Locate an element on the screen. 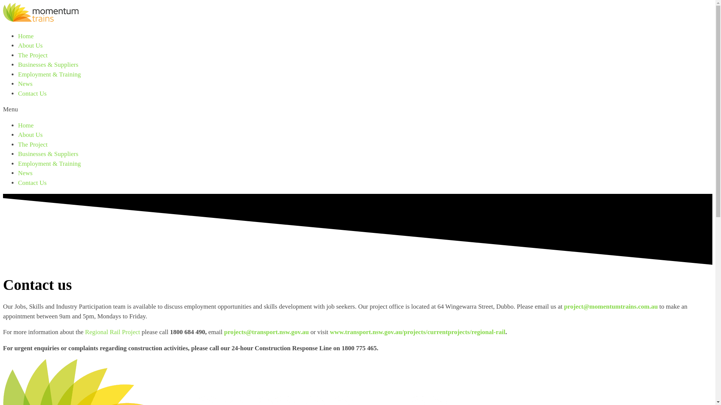  'Home' is located at coordinates (26, 36).